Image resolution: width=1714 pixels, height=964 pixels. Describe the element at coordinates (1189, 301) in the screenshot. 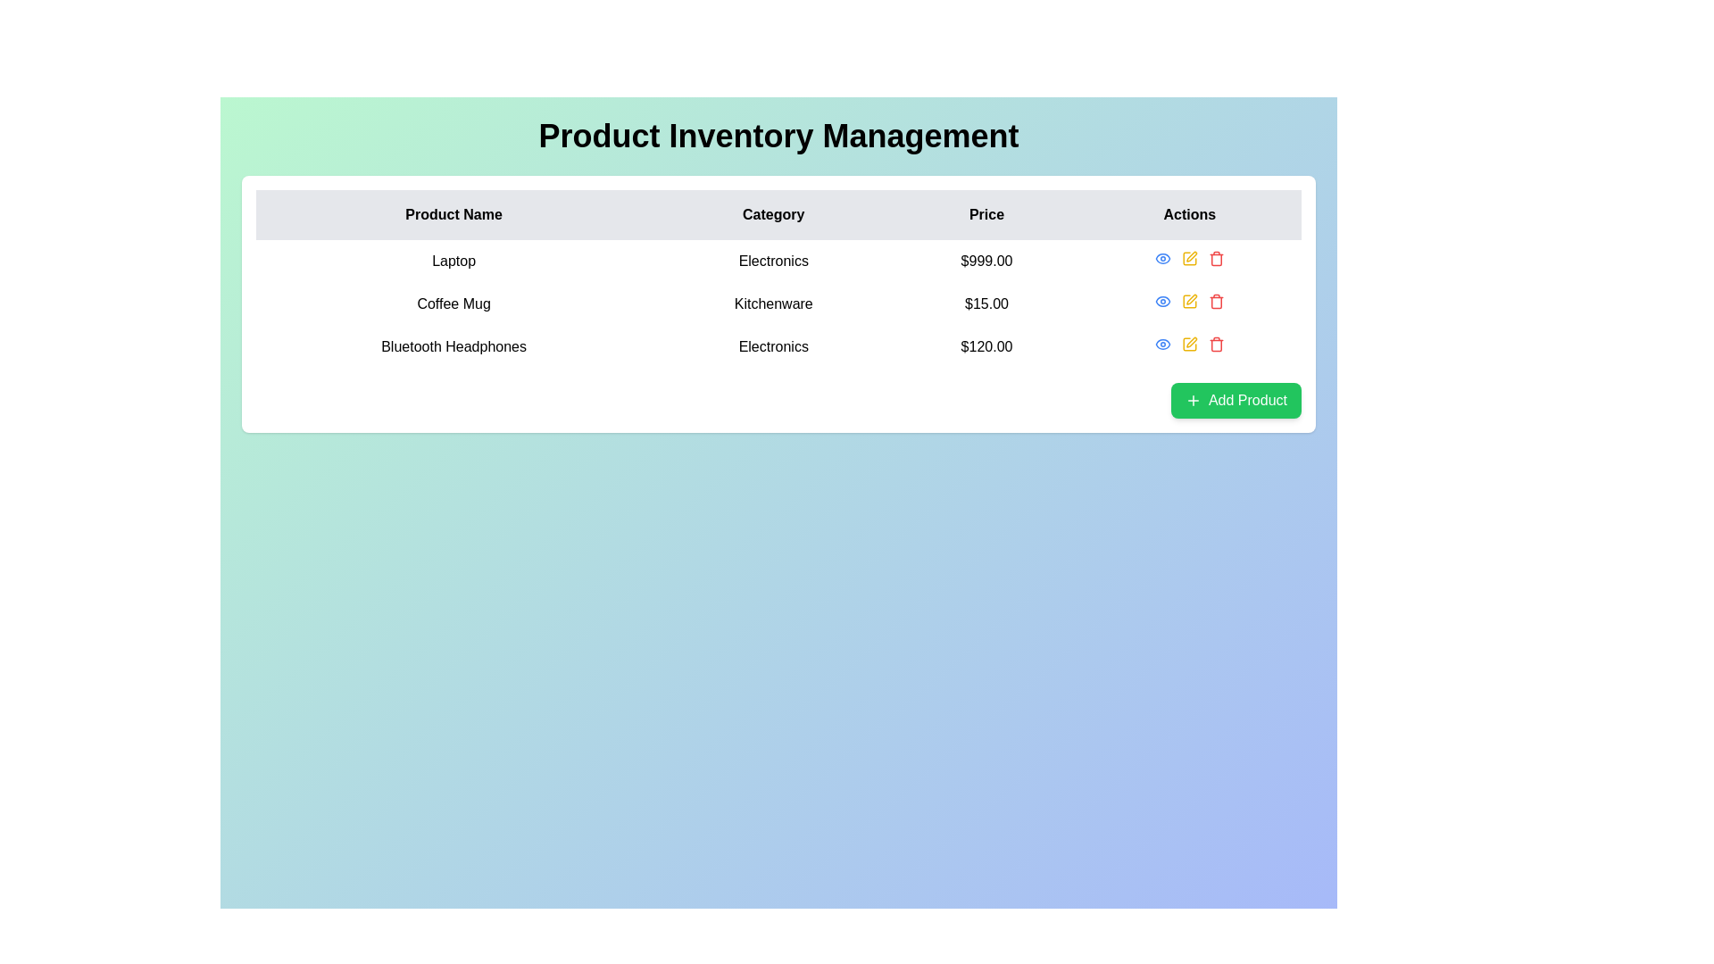

I see `the yellow edit icon, which is square-shaped and features a pen motif, located in the second row of action icons in the 'Actions' column of the table, positioned between the 'view' and 'delete' icons` at that location.